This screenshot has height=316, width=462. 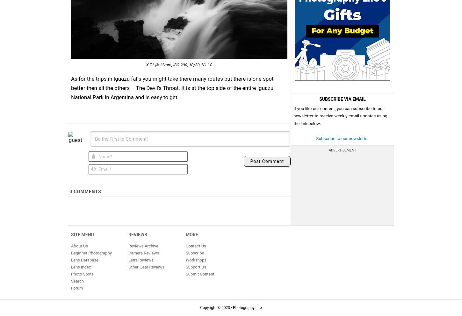 What do you see at coordinates (194, 253) in the screenshot?
I see `'Subscribe'` at bounding box center [194, 253].